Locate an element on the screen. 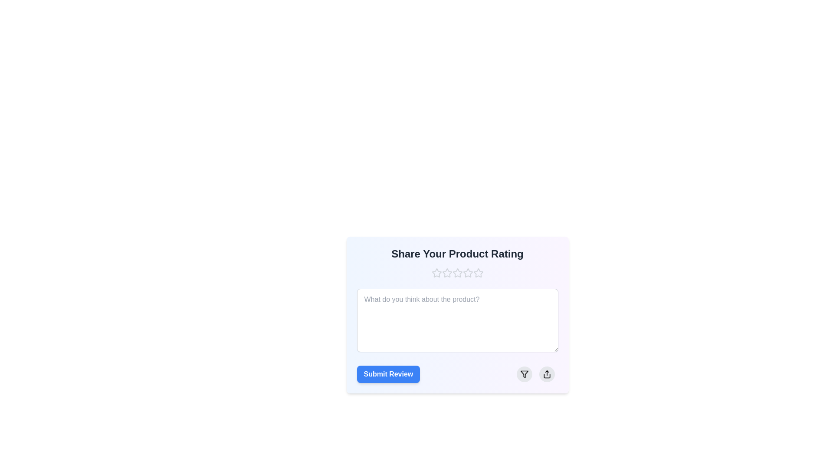 The width and height of the screenshot is (833, 469). the funnel-shaped filter icon located towards the bottom right corner of the interface, adjacent to an upward arrow button is located at coordinates (524, 373).